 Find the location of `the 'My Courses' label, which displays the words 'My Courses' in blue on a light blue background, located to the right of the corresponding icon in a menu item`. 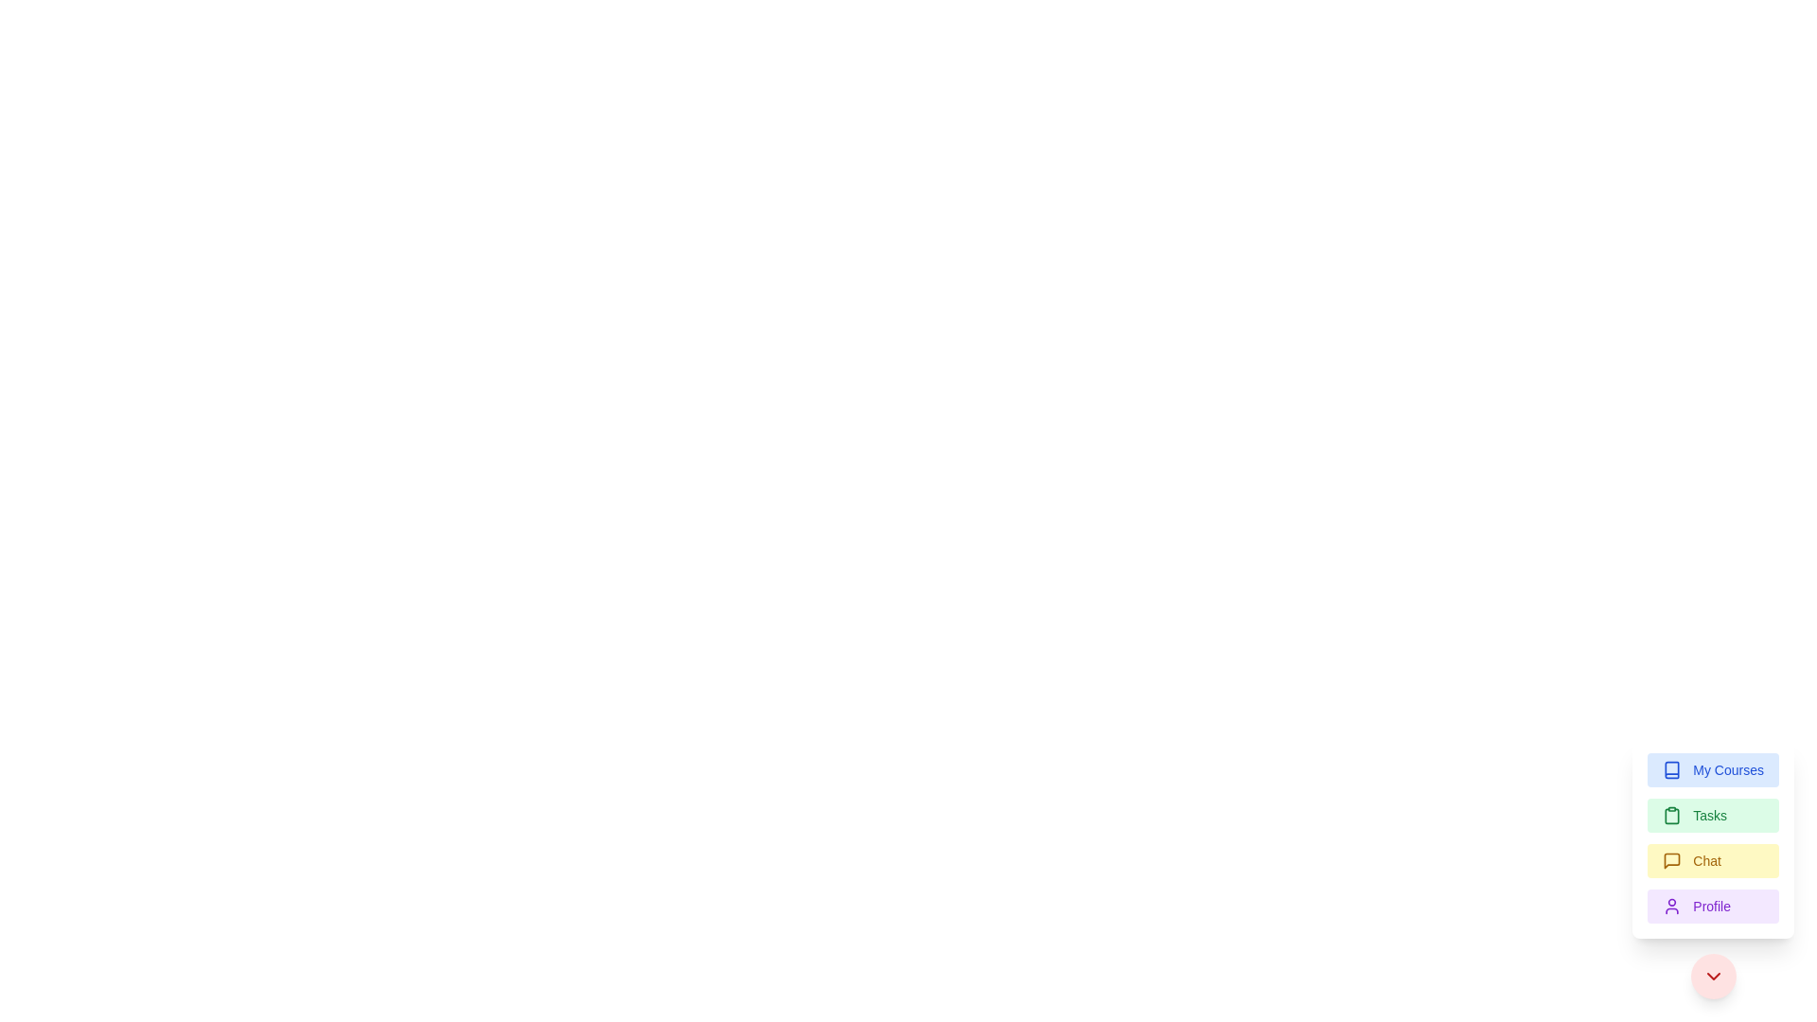

the 'My Courses' label, which displays the words 'My Courses' in blue on a light blue background, located to the right of the corresponding icon in a menu item is located at coordinates (1728, 769).